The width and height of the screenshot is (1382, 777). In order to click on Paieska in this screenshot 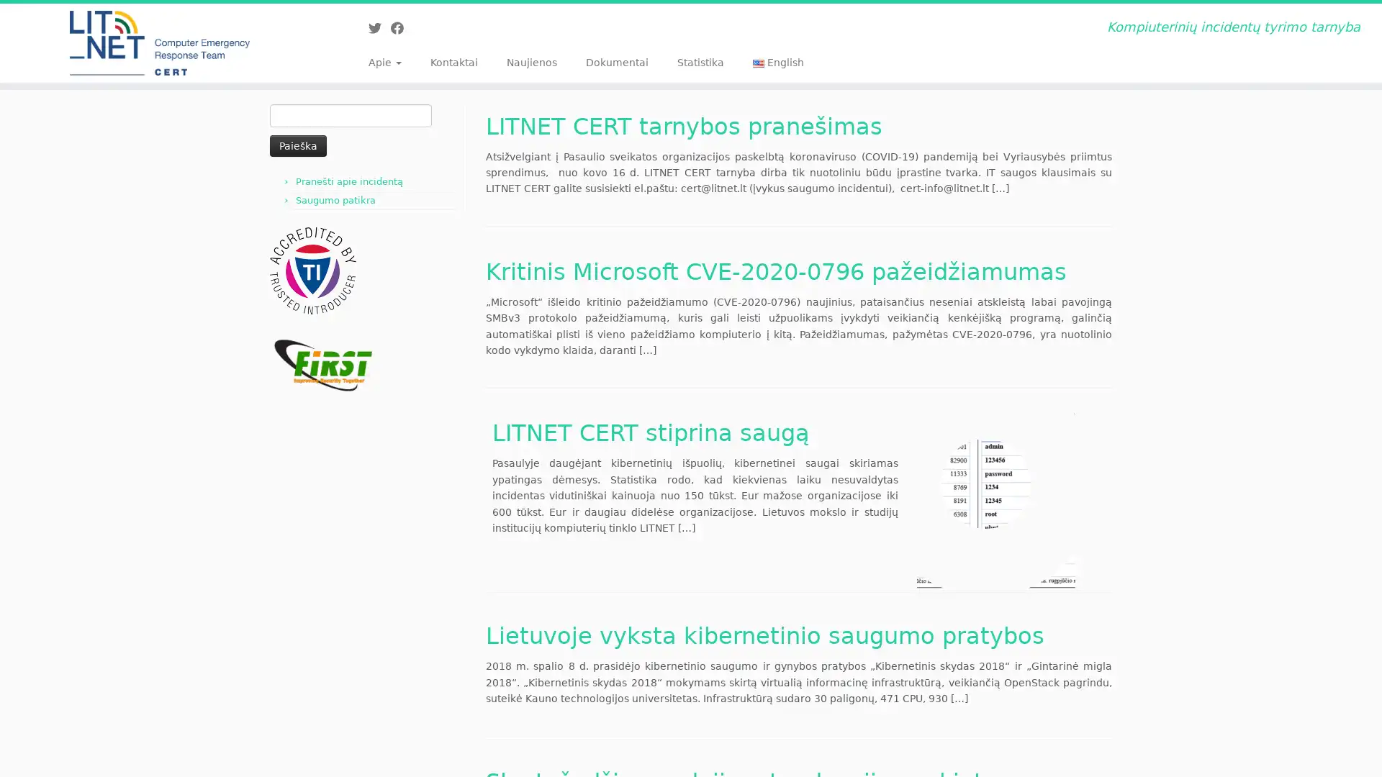, I will do `click(297, 145)`.